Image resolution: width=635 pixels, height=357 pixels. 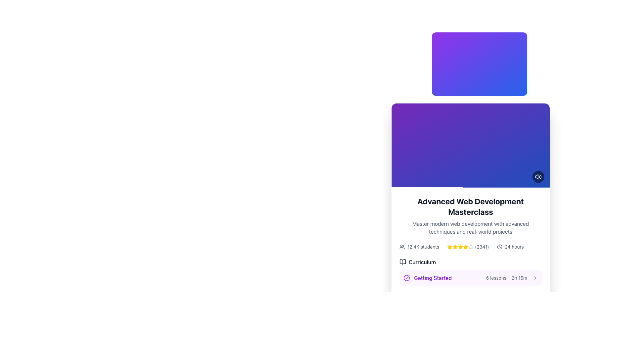 I want to click on the second yellow star icon in the 5-star rating system for the course 'Advanced Web Development Masterclass', so click(x=450, y=247).